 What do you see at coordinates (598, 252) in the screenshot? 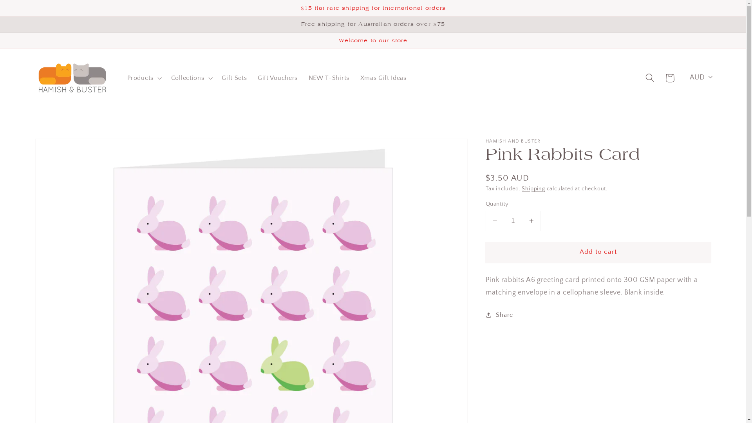
I see `'Add to cart'` at bounding box center [598, 252].